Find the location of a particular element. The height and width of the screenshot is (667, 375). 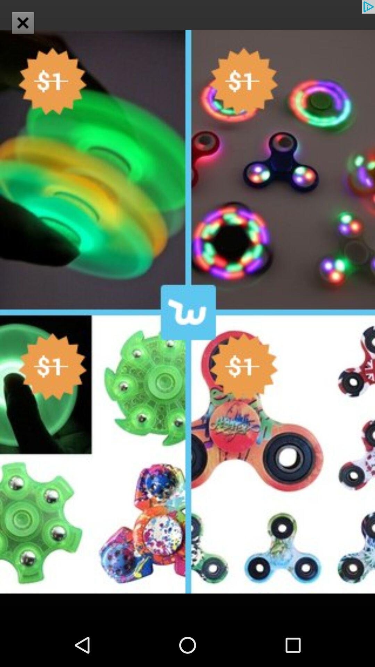

the close icon is located at coordinates (22, 24).